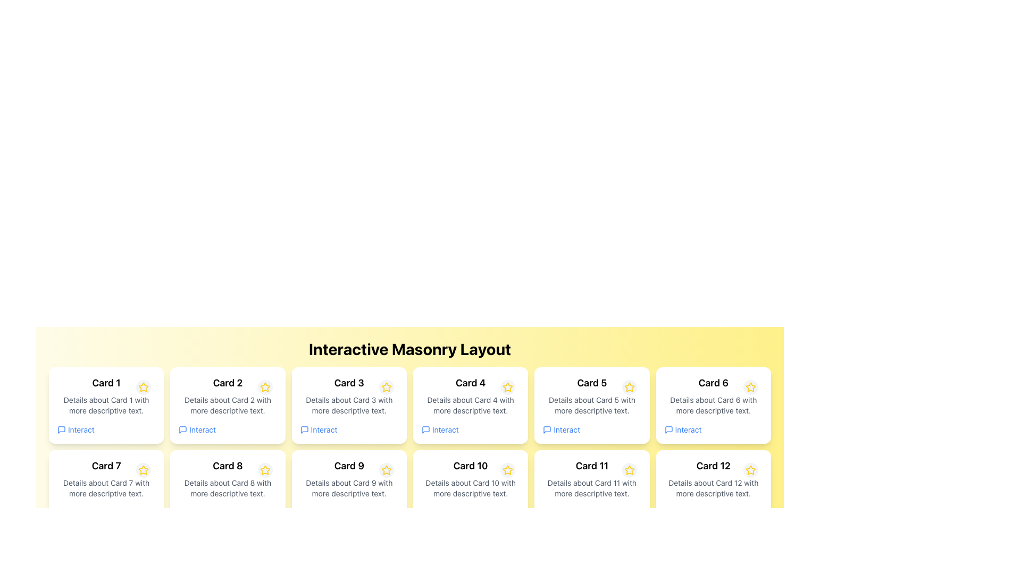  I want to click on the title heading of 'Card 7', which is located in the bottom row of the card grid layout, to interact with it, even though it is not interactive, so click(106, 465).